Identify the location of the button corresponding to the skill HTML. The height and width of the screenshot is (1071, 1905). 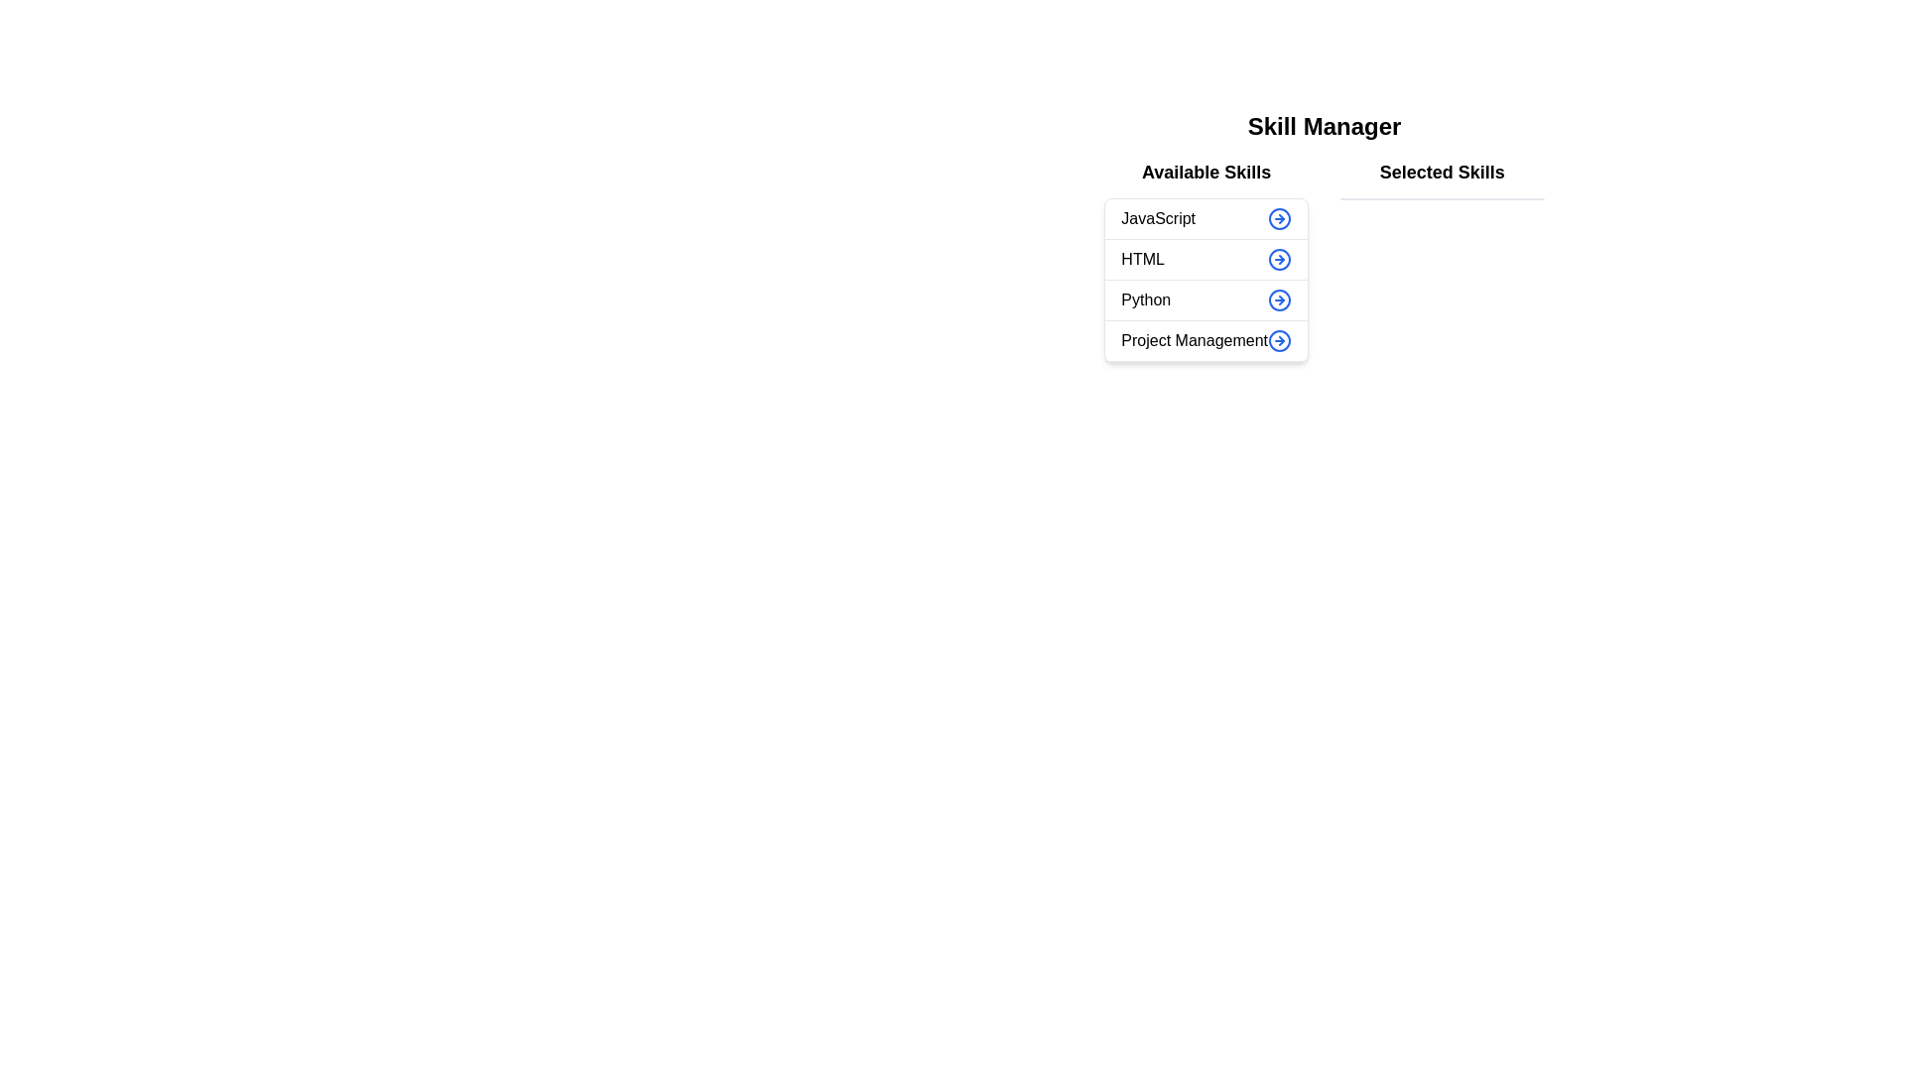
(1280, 259).